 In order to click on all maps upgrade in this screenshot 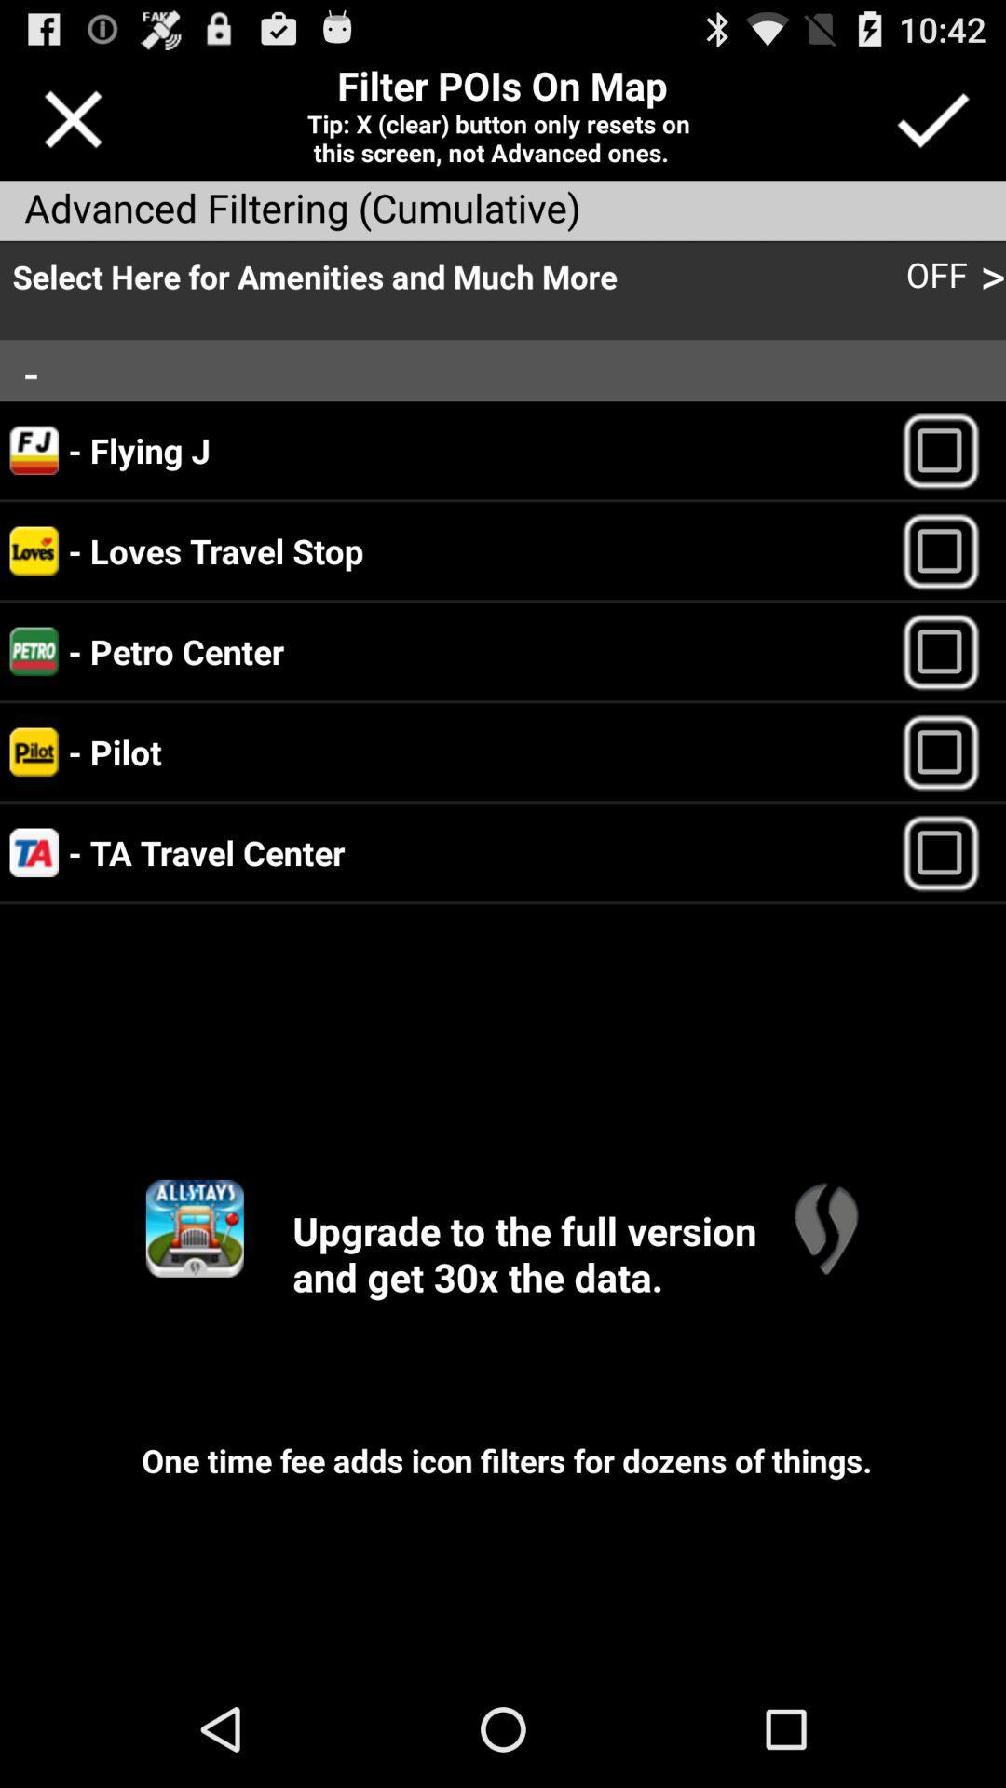, I will do `click(195, 1228)`.